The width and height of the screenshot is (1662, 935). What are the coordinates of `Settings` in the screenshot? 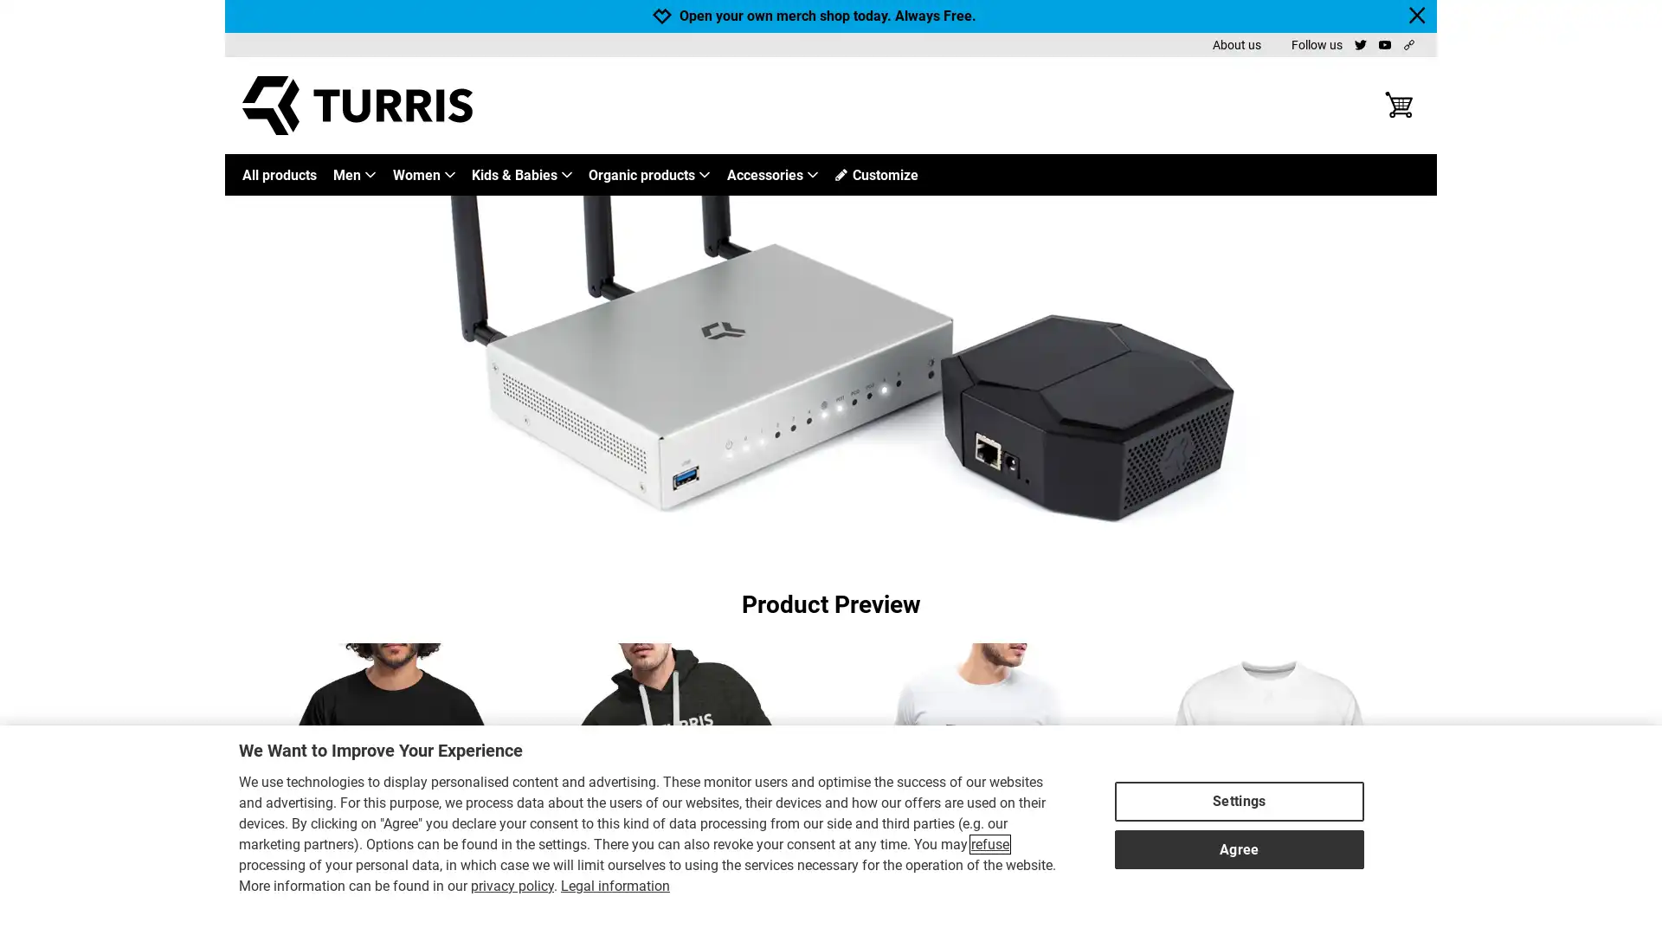 It's located at (1238, 797).